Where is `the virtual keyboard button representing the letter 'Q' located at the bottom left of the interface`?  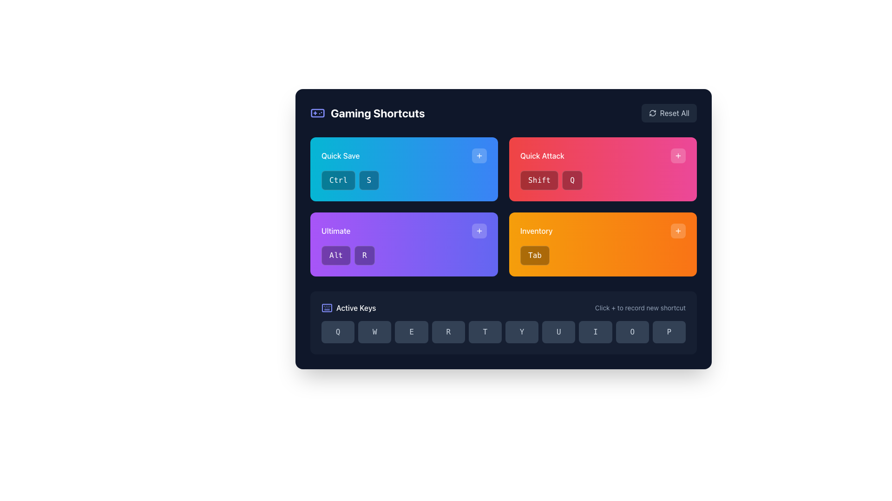 the virtual keyboard button representing the letter 'Q' located at the bottom left of the interface is located at coordinates (337, 332).